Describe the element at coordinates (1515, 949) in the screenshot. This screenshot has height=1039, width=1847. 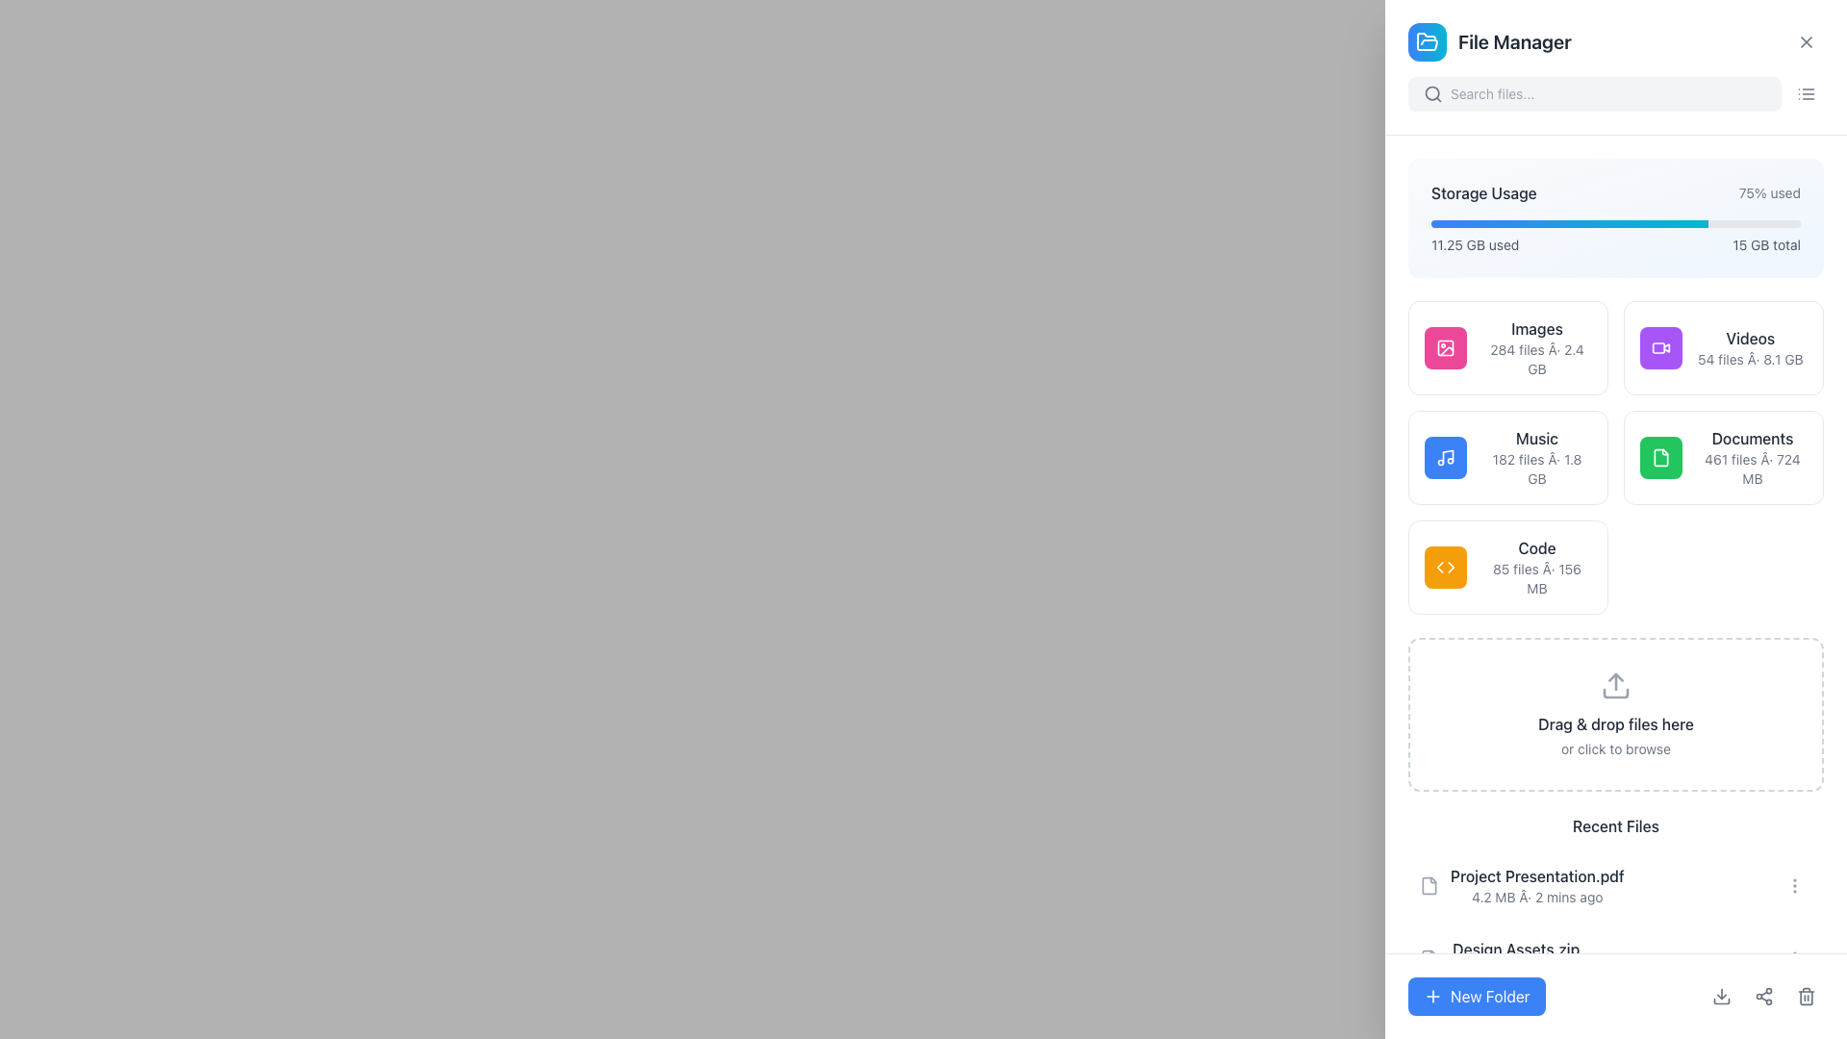
I see `text label for the file entry named 'Design Assets.zip' located in the recent files listing of the file manager, positioned above the 'New Folder' button and below 'Project Presentation.pdf'` at that location.